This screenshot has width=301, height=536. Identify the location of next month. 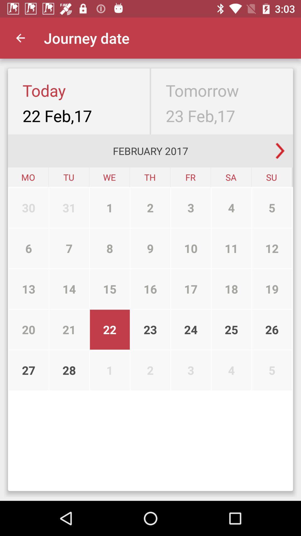
(280, 151).